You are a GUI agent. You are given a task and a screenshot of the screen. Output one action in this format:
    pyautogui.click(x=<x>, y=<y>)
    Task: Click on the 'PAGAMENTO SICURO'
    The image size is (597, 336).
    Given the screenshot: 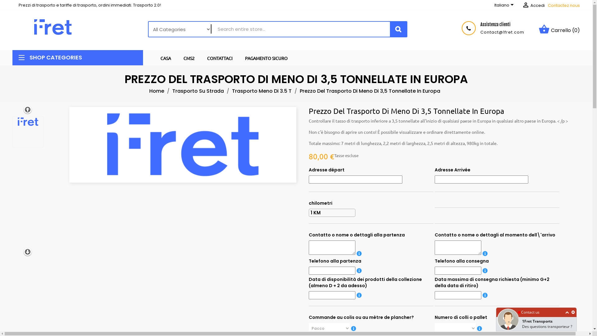 What is the action you would take?
    pyautogui.click(x=266, y=58)
    